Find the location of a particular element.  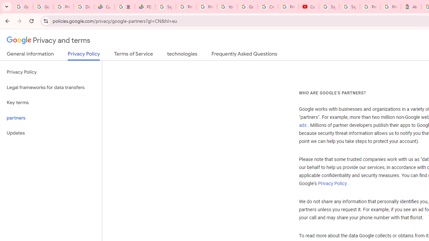

'Content Creator Programs & Opportunities - YouTube Creators' is located at coordinates (308, 7).